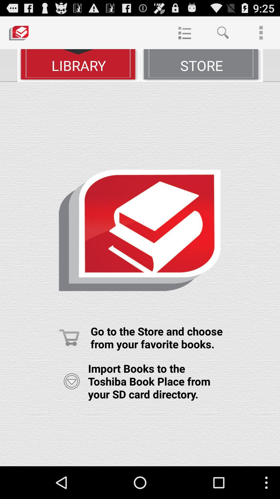  I want to click on import option, so click(72, 381).